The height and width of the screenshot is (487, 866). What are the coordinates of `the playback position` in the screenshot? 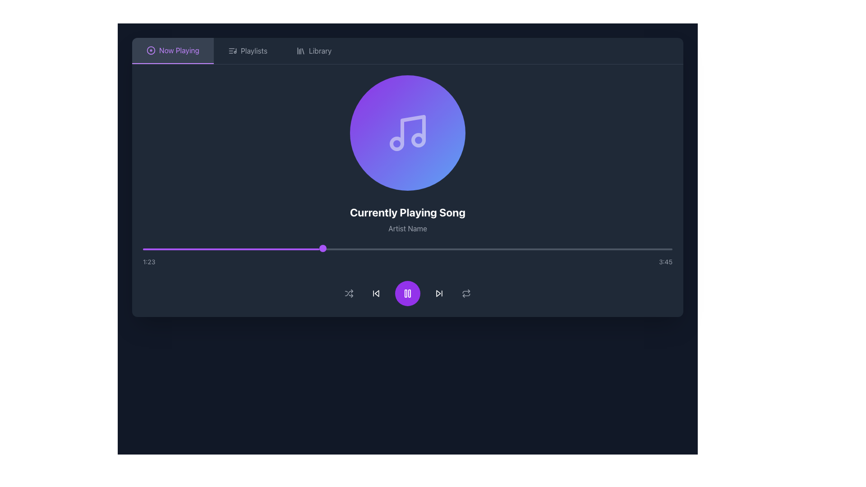 It's located at (534, 249).